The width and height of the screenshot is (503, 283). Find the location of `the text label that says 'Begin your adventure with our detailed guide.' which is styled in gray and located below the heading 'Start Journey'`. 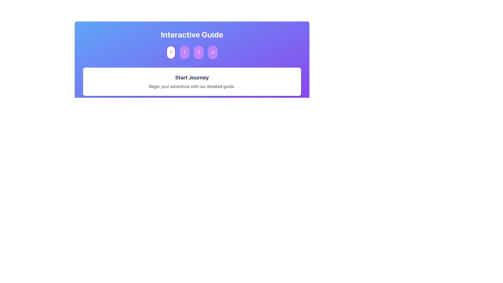

the text label that says 'Begin your adventure with our detailed guide.' which is styled in gray and located below the heading 'Start Journey' is located at coordinates (192, 86).